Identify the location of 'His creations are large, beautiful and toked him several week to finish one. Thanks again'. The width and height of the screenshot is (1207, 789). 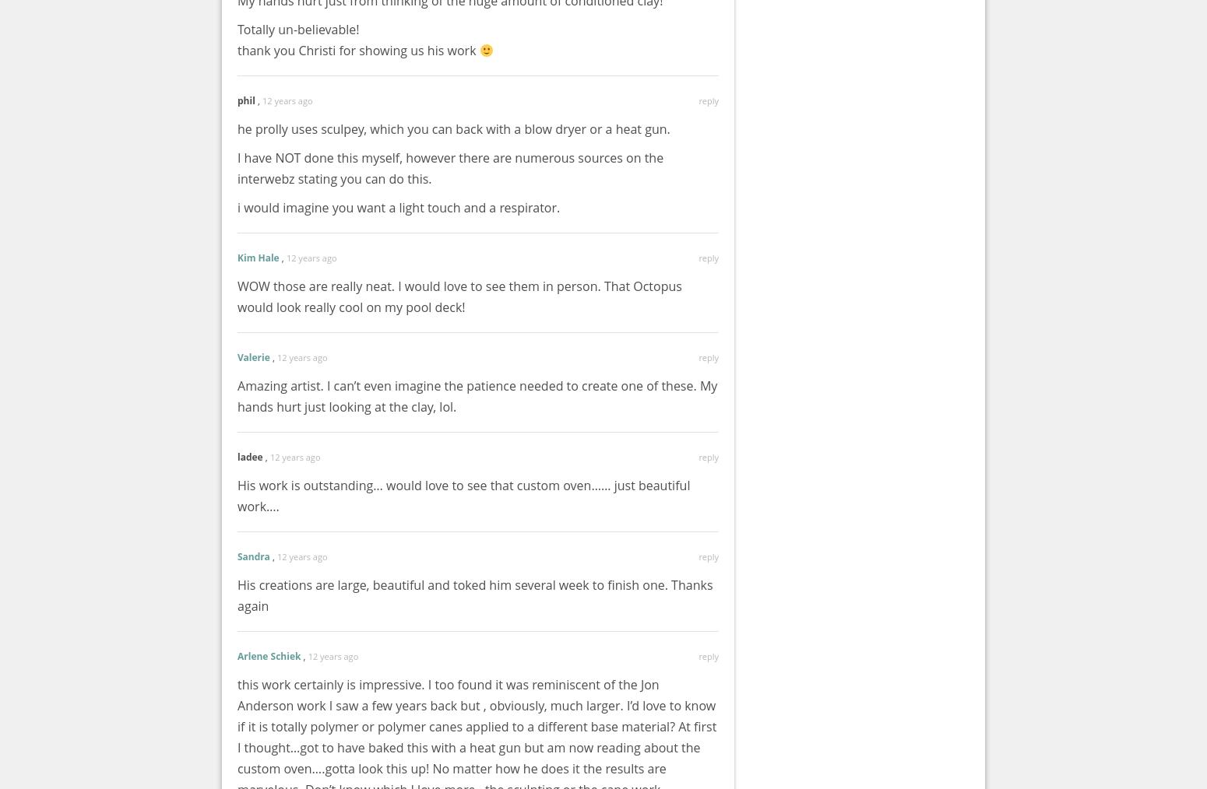
(474, 595).